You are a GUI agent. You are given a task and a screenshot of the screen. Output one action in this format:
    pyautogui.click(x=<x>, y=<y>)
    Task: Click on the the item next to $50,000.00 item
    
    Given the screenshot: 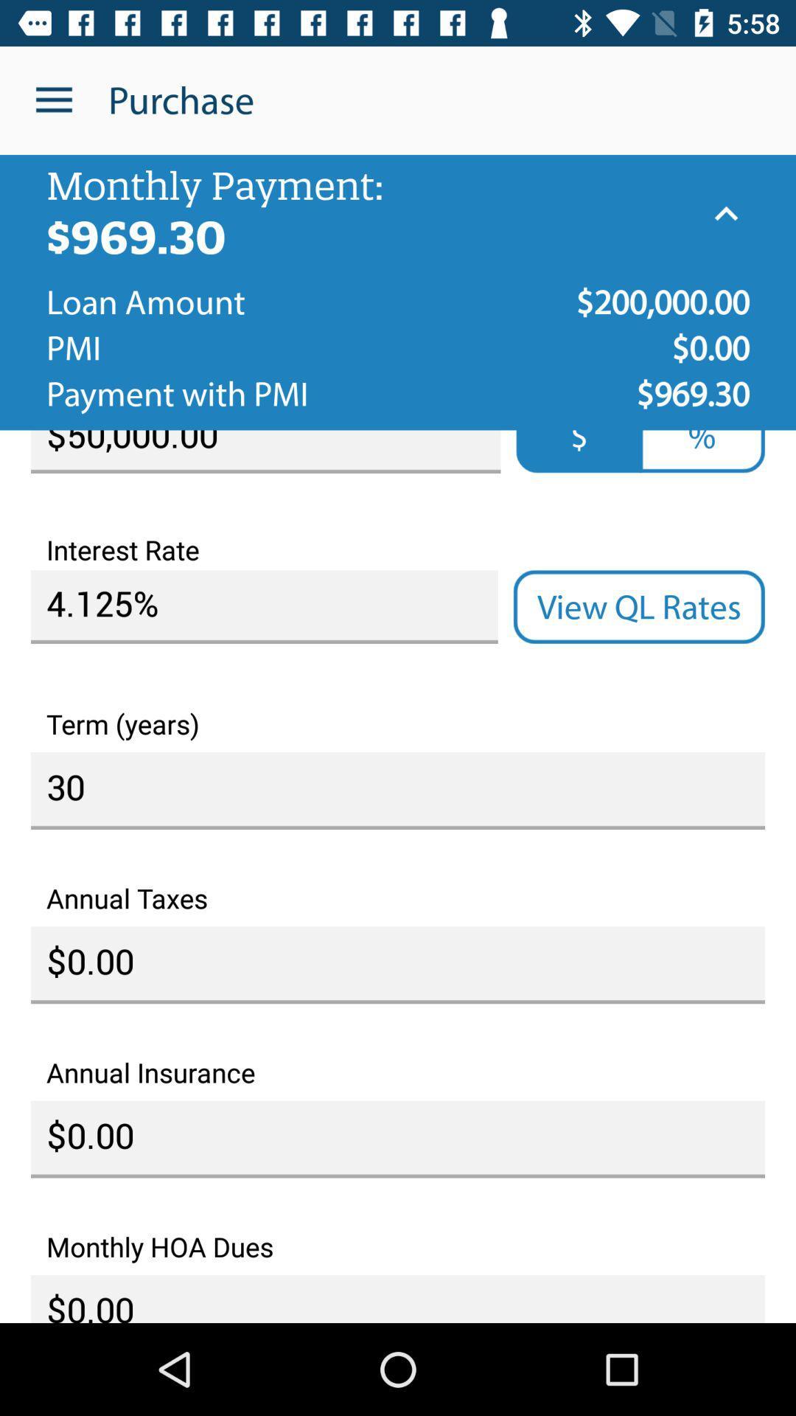 What is the action you would take?
    pyautogui.click(x=579, y=451)
    